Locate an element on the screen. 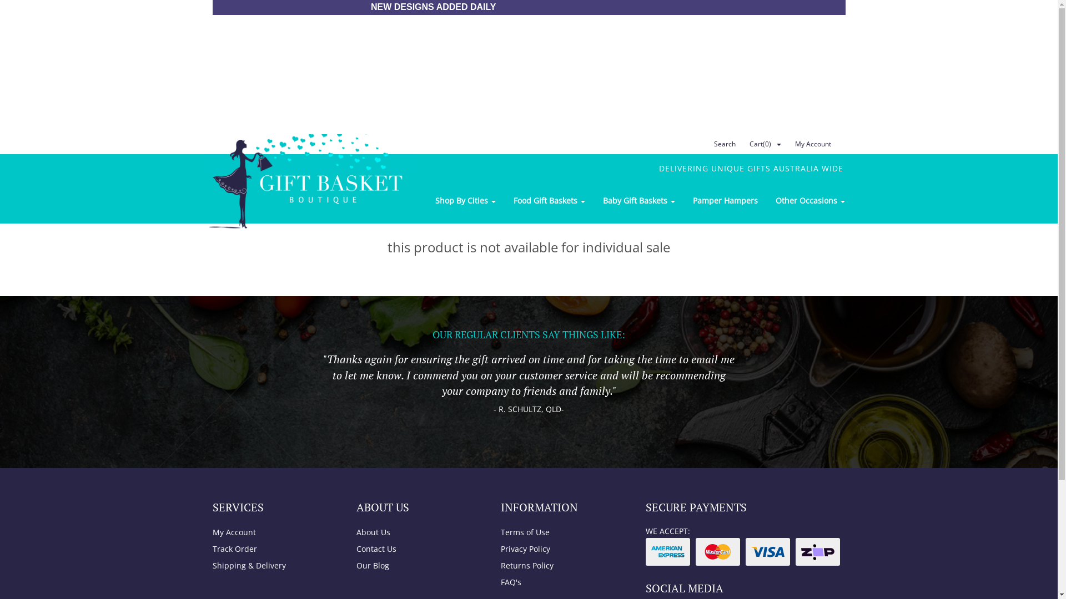  'Other Occasions' is located at coordinates (766, 201).